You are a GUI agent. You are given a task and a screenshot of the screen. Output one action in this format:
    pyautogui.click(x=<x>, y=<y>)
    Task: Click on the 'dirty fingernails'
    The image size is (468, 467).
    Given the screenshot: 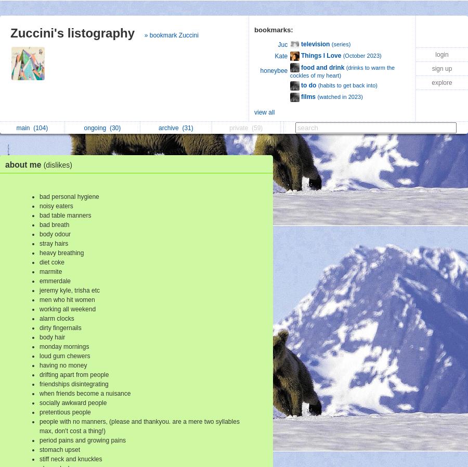 What is the action you would take?
    pyautogui.click(x=60, y=327)
    